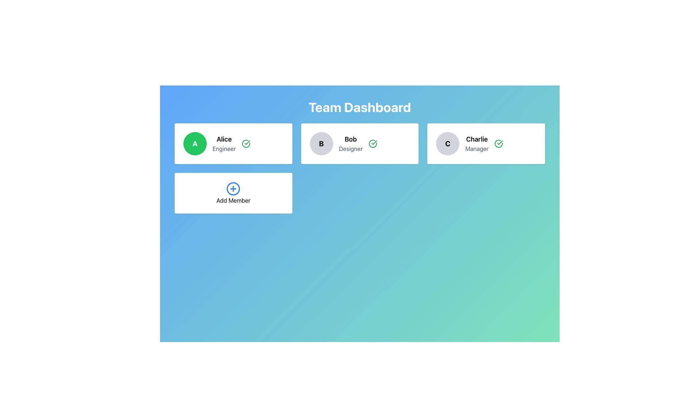  I want to click on the circular green Avatar Circle Badge with a white capital 'A' centered within it, located on the left side of the team member card layout, so click(195, 143).